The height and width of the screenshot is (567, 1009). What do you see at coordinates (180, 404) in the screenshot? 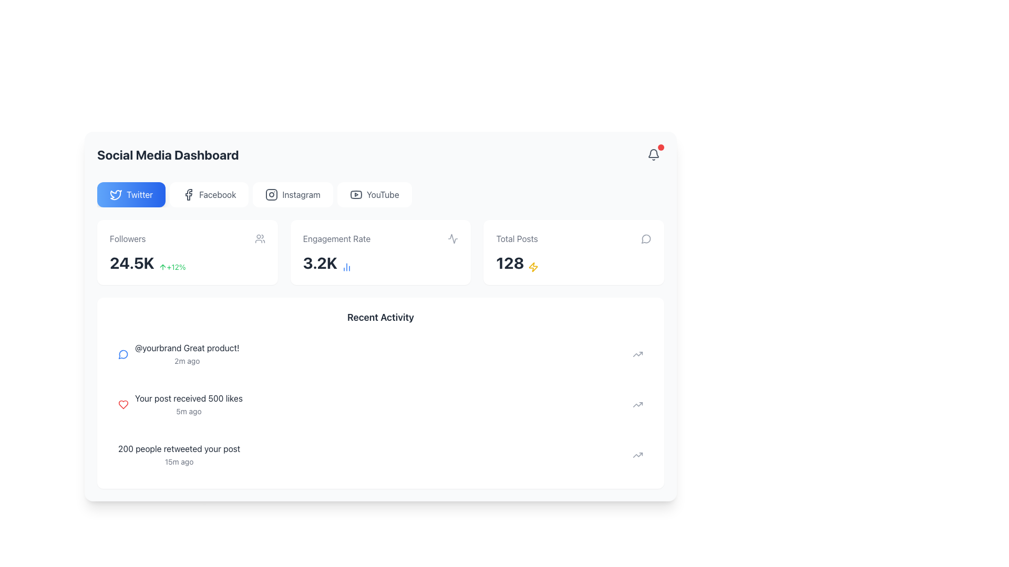
I see `the text label in the 'Recent Activity' section that displays the number of likes received on a post, located between two activity messages` at bounding box center [180, 404].